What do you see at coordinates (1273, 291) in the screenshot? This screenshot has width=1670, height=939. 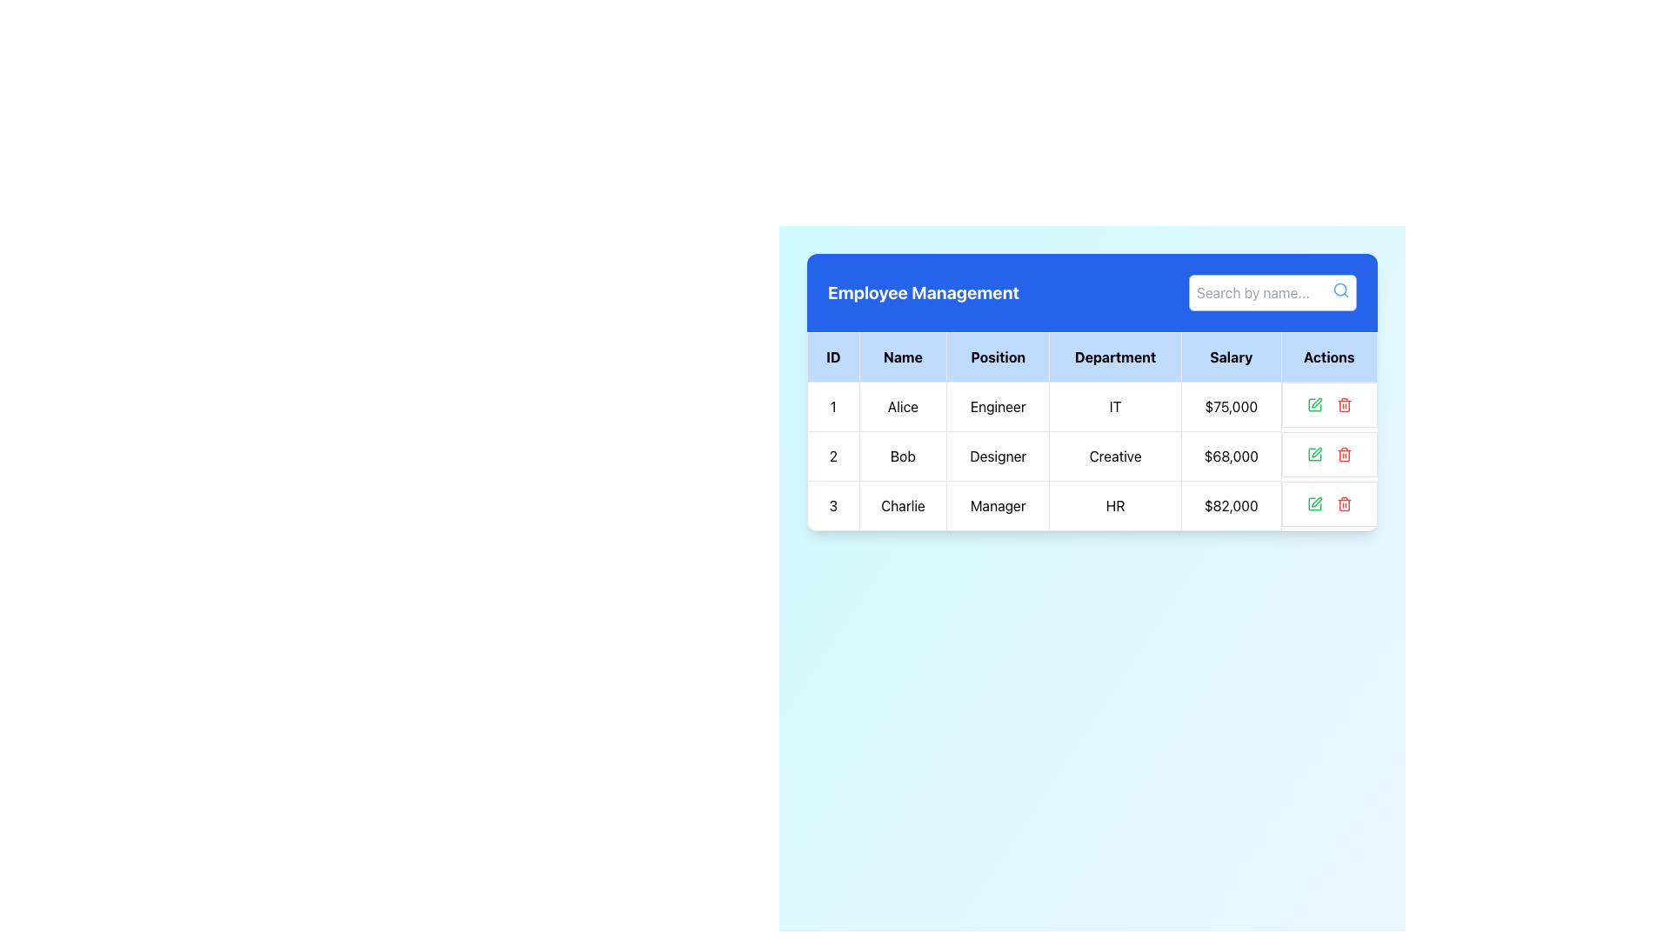 I see `the light gray text input box with rounded corners and a blue border in the top-right corner of the 'Employee Management' header` at bounding box center [1273, 291].